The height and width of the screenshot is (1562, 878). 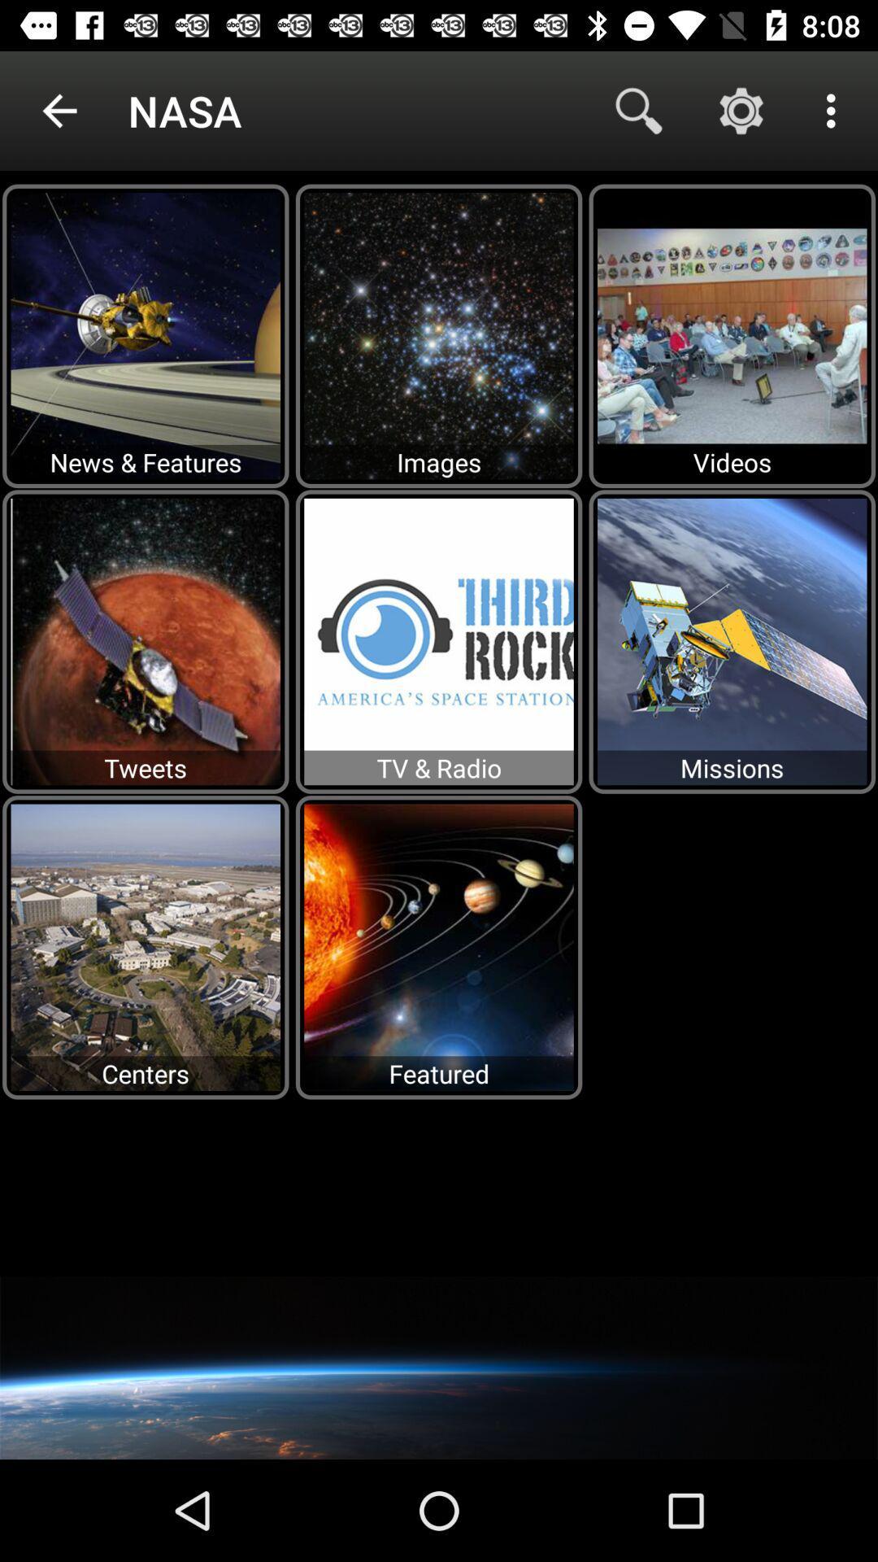 I want to click on the icon next to nasa icon, so click(x=59, y=110).